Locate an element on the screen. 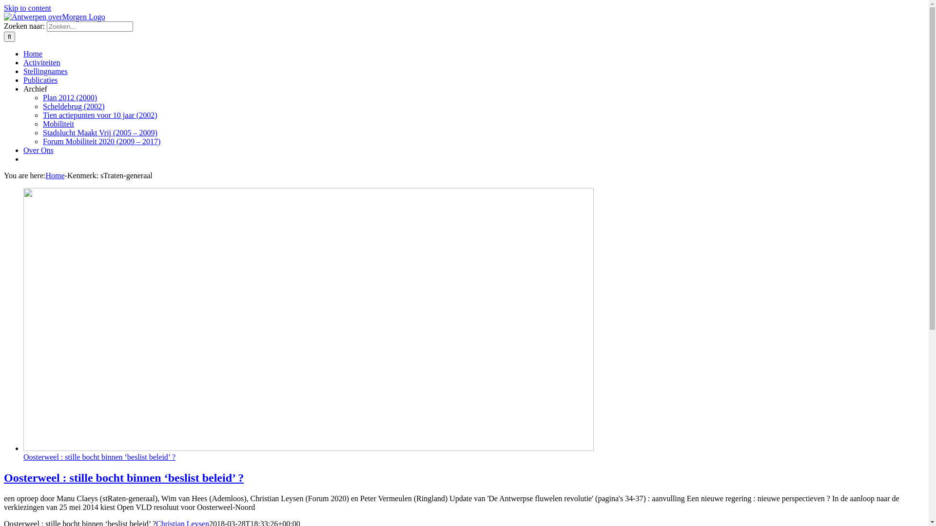  'Mobiliteit' is located at coordinates (42, 123).